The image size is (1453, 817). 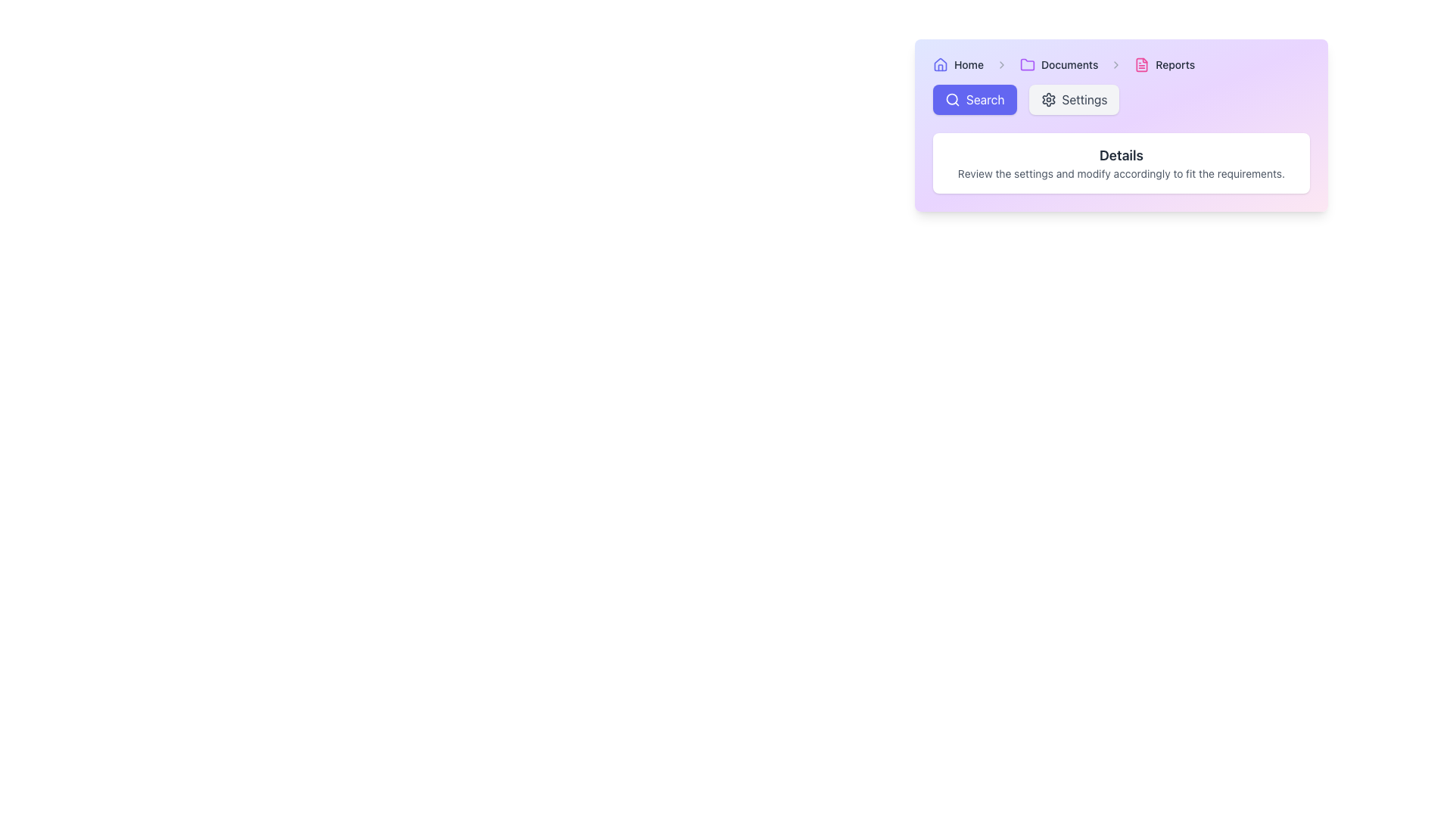 I want to click on the settings button located in the top-right section of the interface to change its background color, so click(x=1073, y=99).